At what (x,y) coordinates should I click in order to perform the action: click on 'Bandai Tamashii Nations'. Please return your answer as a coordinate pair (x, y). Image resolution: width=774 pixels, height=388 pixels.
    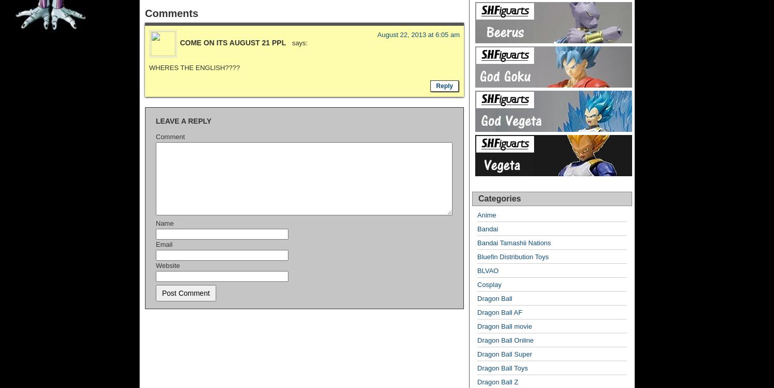
    Looking at the image, I should click on (513, 242).